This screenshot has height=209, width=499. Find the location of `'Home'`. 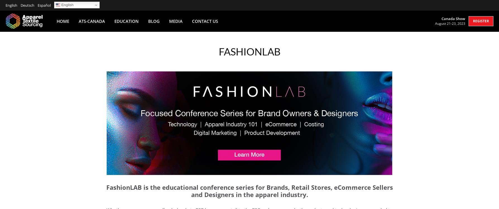

'Home' is located at coordinates (63, 21).